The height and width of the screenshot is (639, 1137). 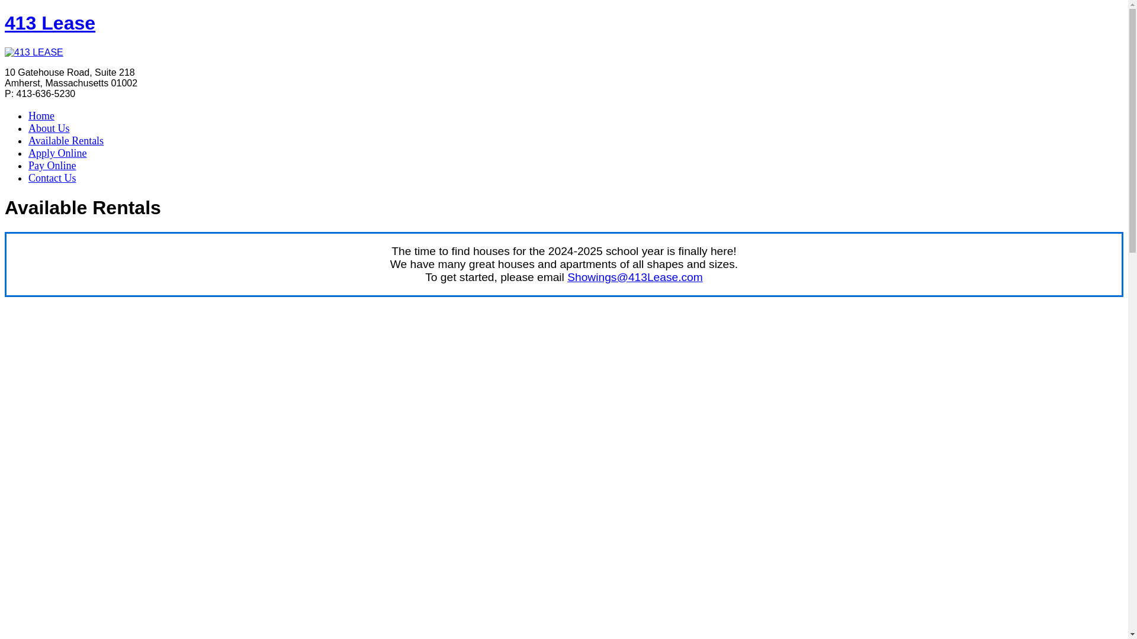 I want to click on 'Contact Us', so click(x=52, y=177).